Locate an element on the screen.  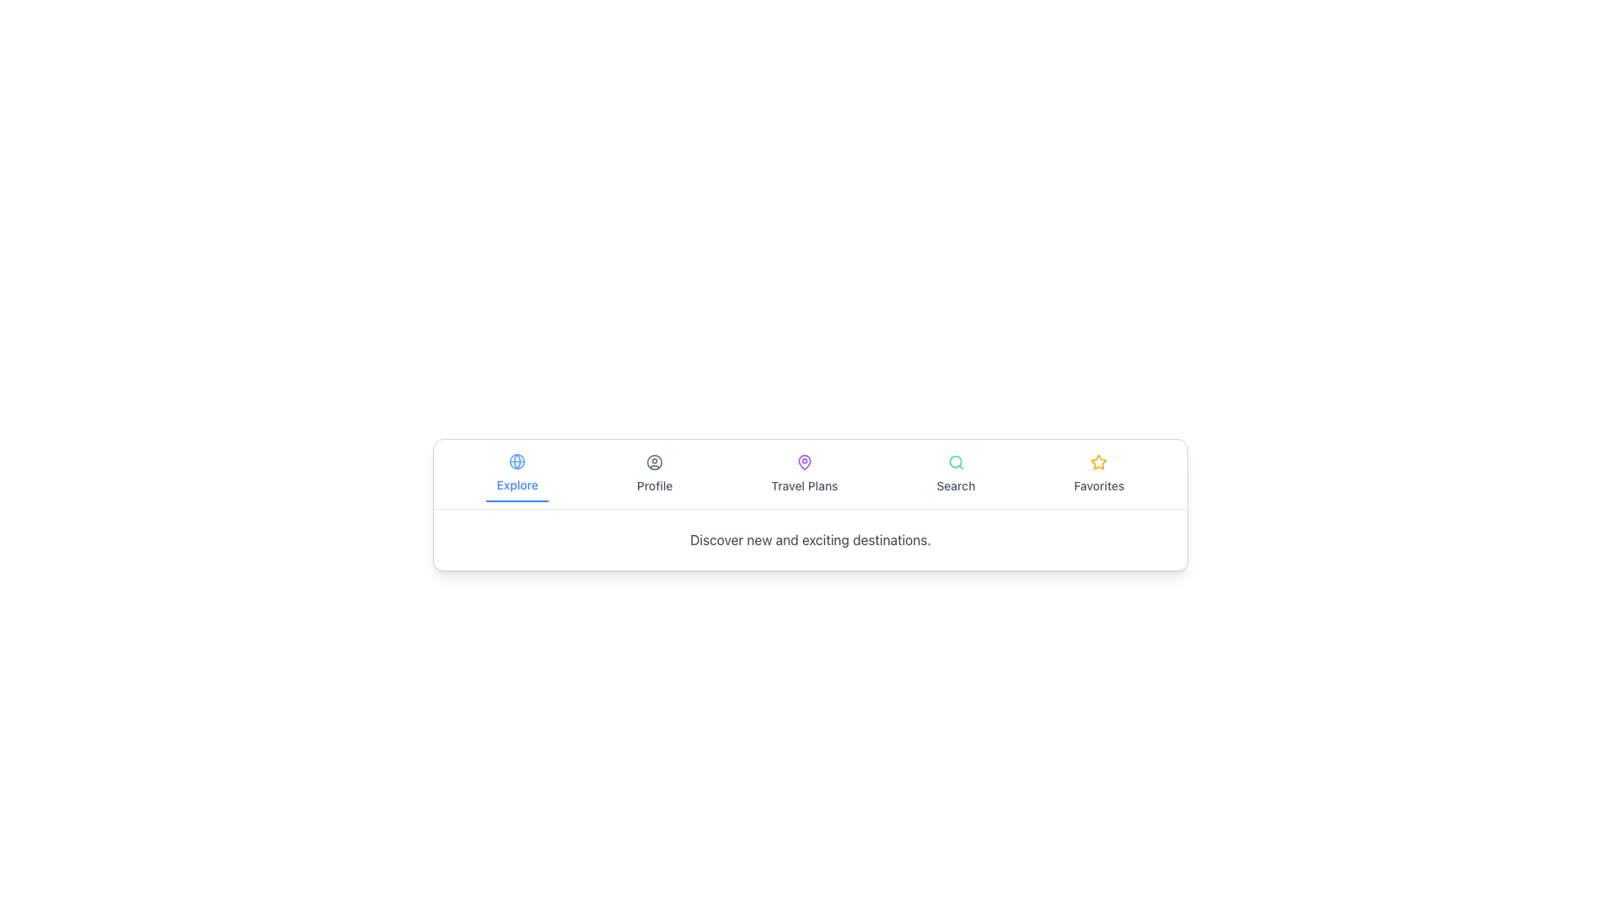
the Navigation Bar item is located at coordinates (810, 474).